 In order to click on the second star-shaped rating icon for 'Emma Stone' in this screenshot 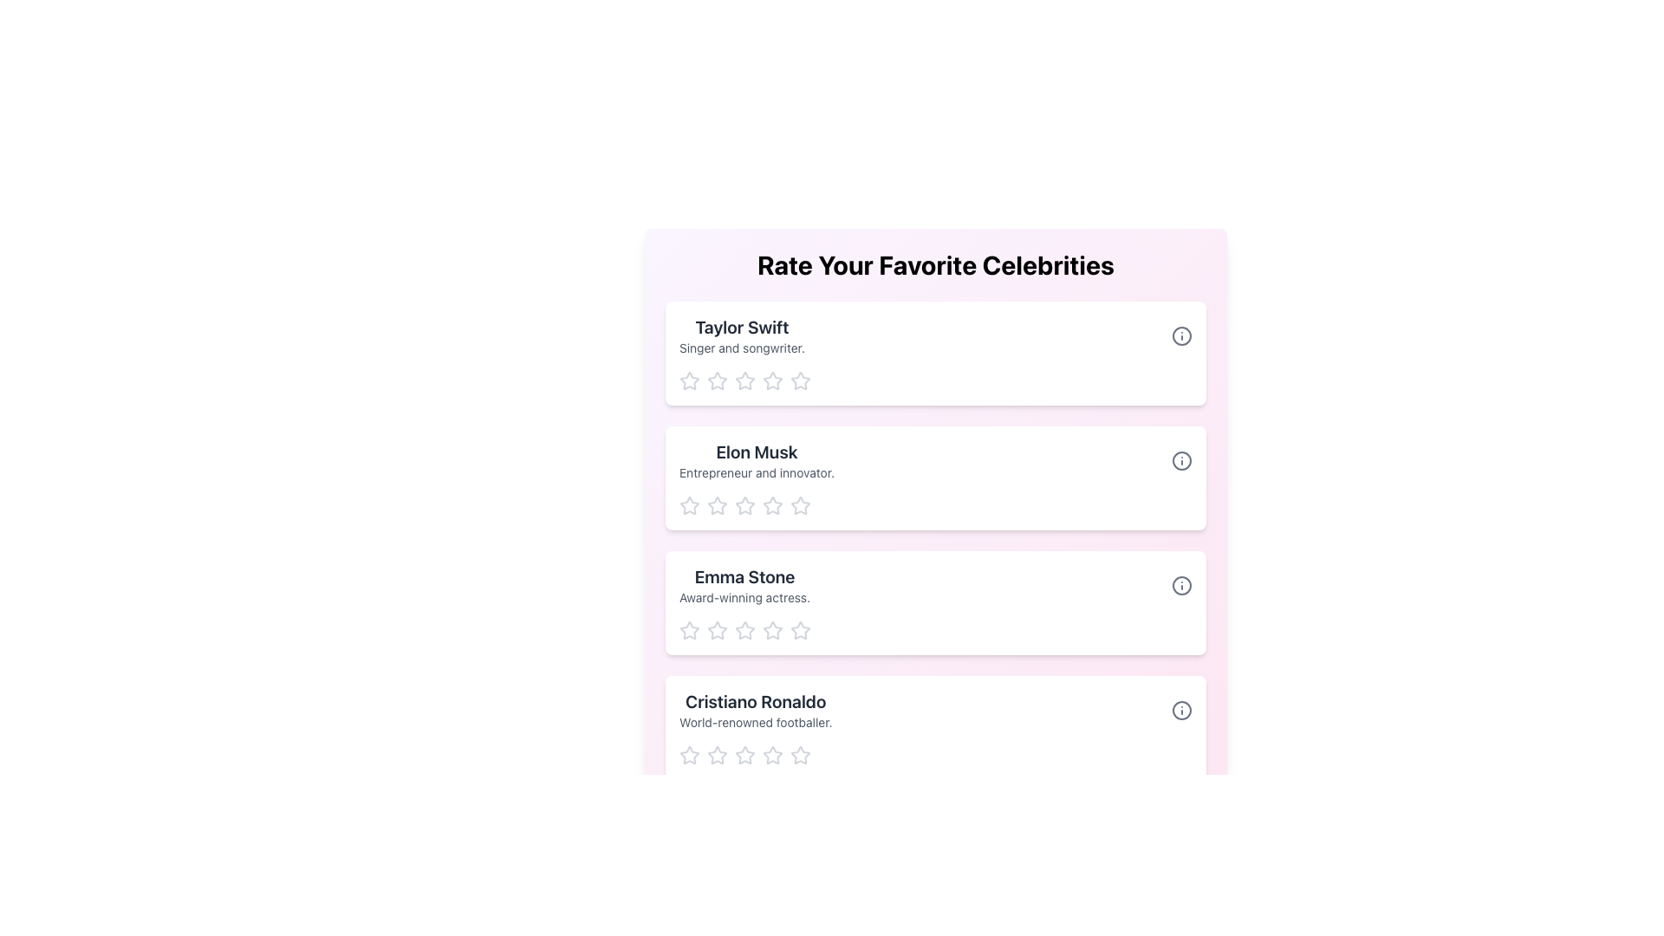, I will do `click(718, 631)`.